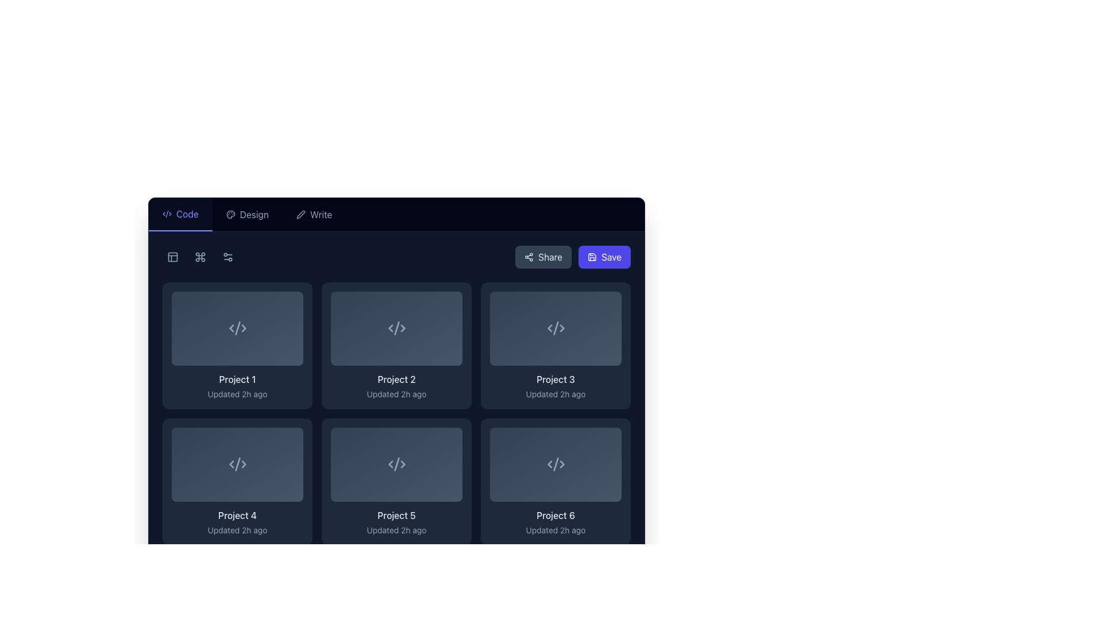 Image resolution: width=1103 pixels, height=620 pixels. I want to click on the 'Save' button with a blue background and white text, so click(604, 256).